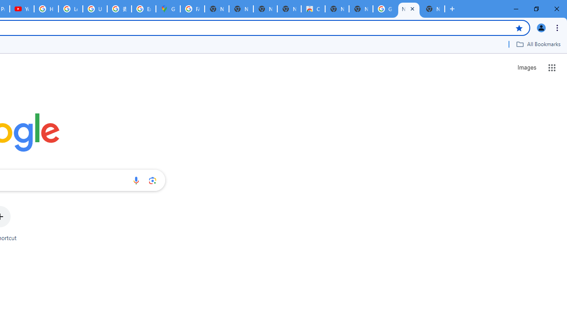 The image size is (567, 319). Describe the element at coordinates (46, 9) in the screenshot. I see `'How Chrome protects your passwords - Google Chrome Help'` at that location.